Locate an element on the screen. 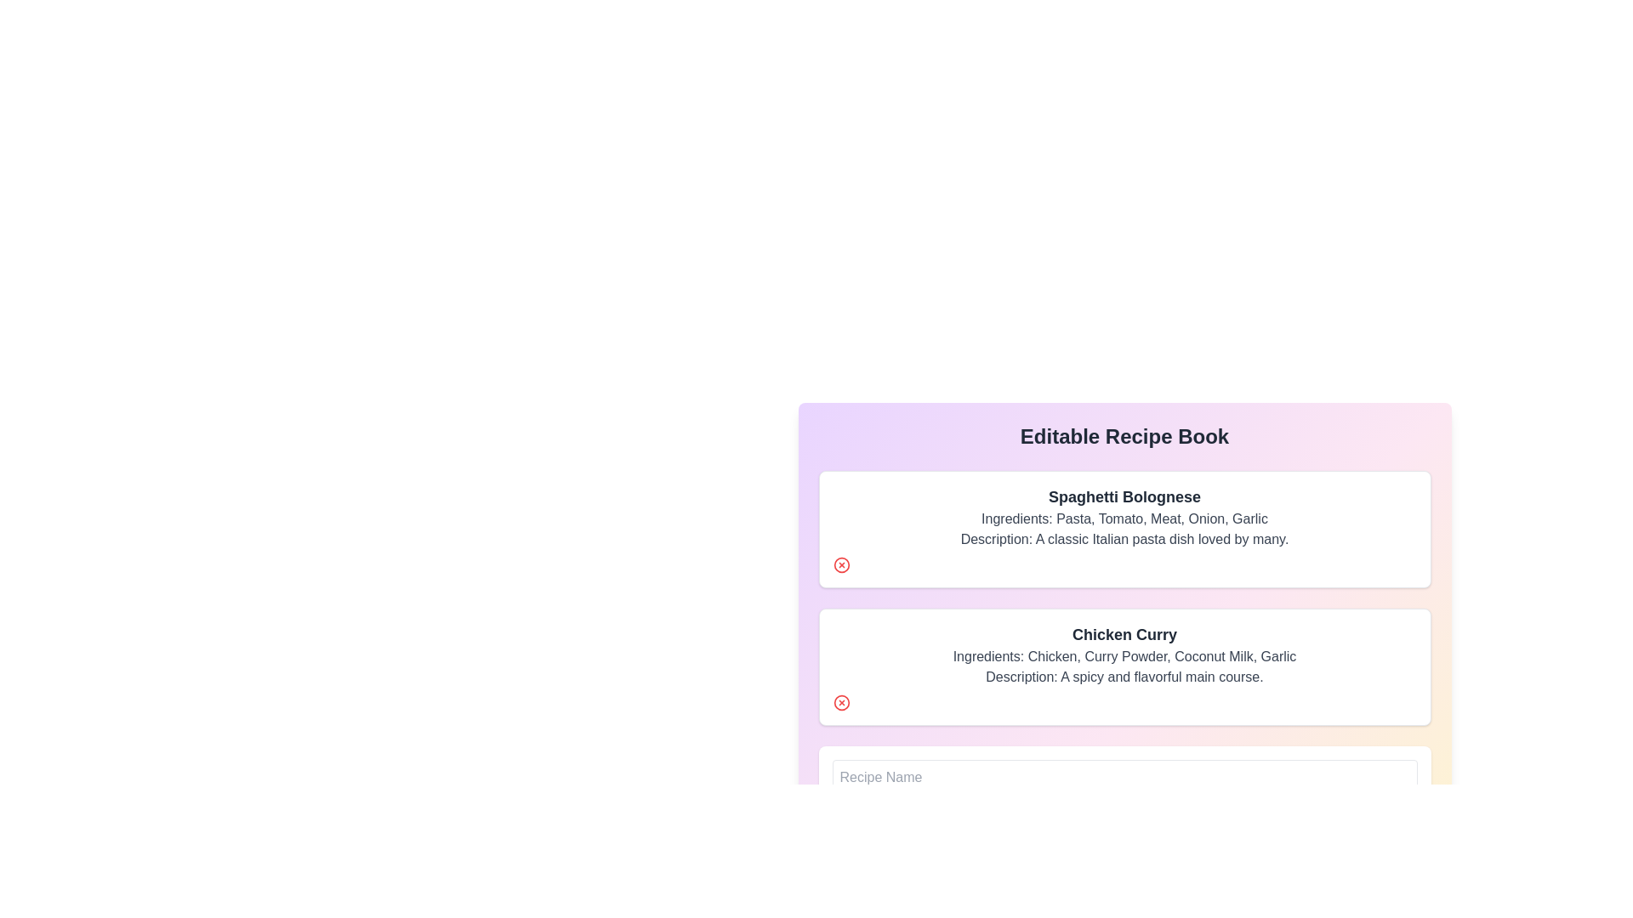 Image resolution: width=1633 pixels, height=918 pixels. the circular button with a red border and an 'X' symbol, located to the left of the 'Chicken Curry' text block is located at coordinates (841, 702).